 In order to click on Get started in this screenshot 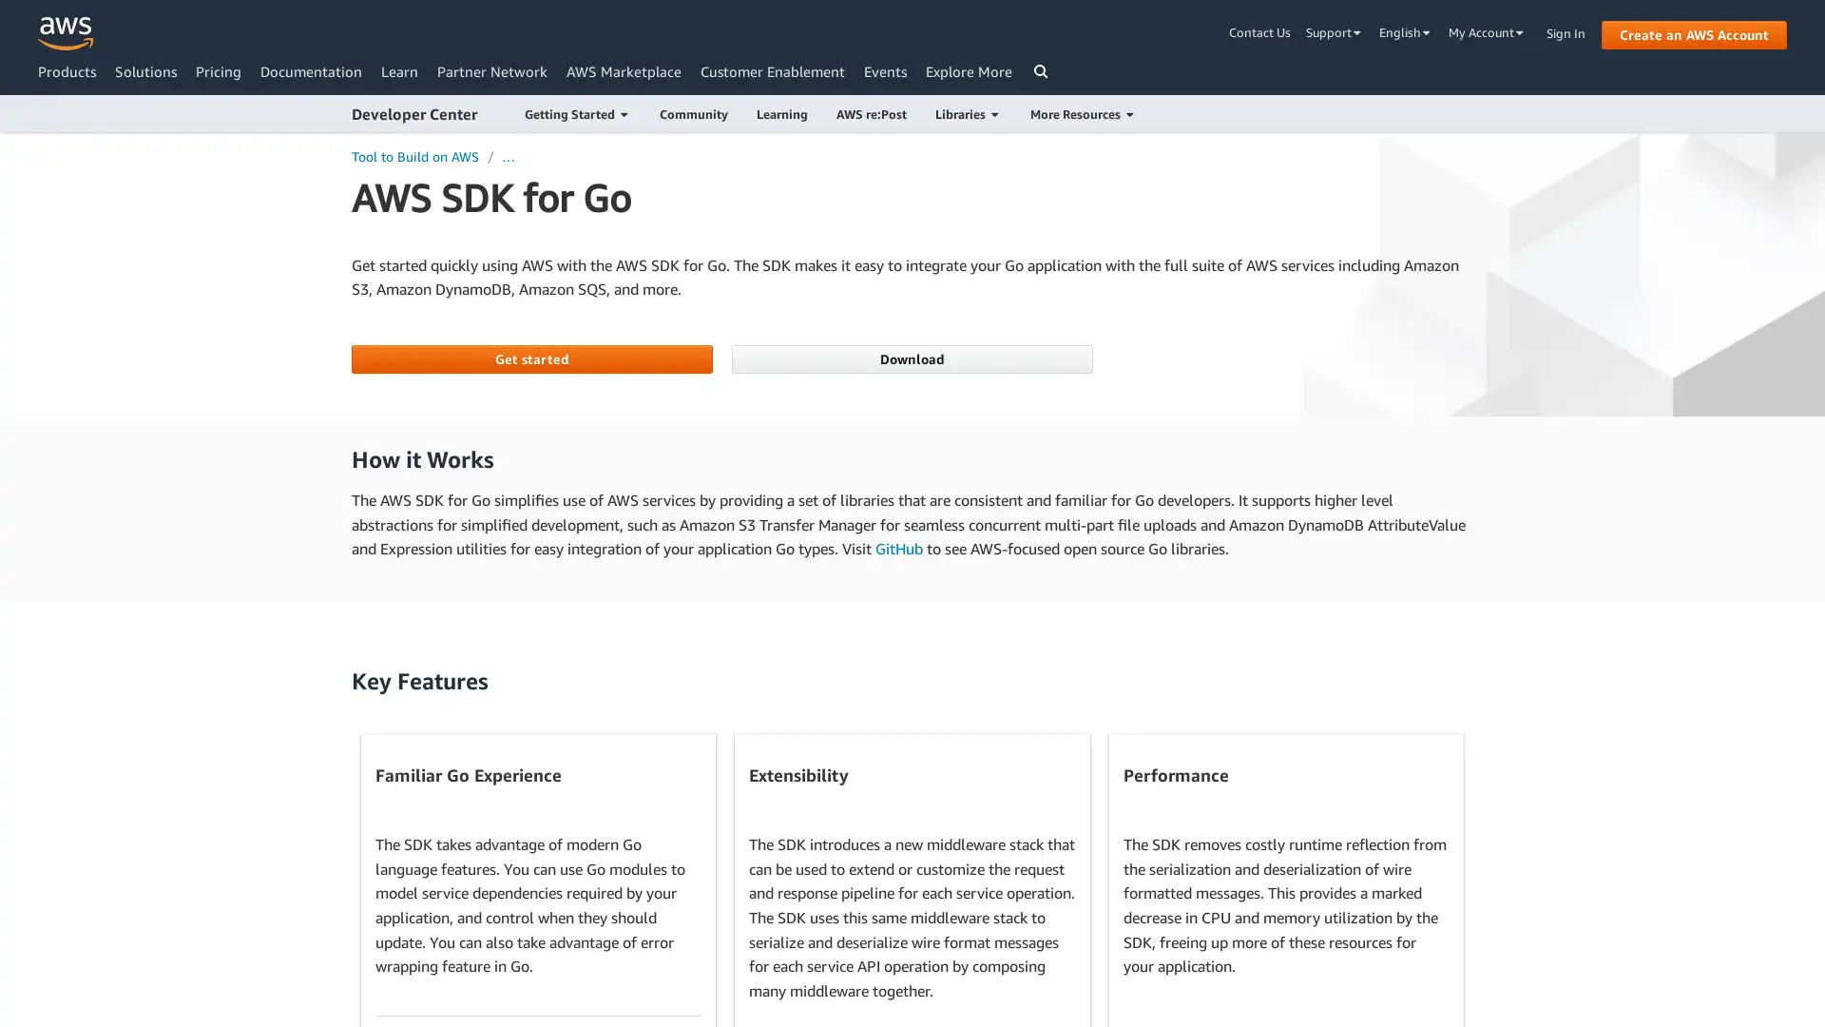, I will do `click(531, 358)`.